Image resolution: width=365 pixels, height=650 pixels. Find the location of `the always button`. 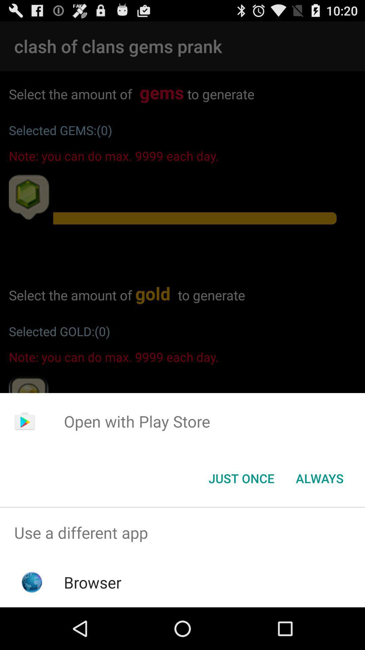

the always button is located at coordinates (319, 478).